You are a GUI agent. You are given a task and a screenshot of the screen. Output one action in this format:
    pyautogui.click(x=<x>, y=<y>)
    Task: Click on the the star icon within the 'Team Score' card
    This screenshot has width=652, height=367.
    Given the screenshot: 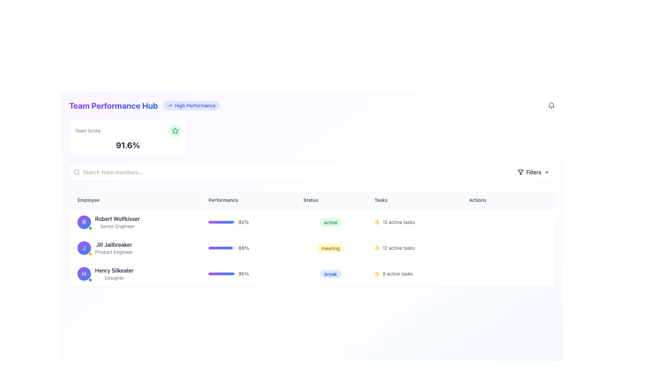 What is the action you would take?
    pyautogui.click(x=175, y=130)
    